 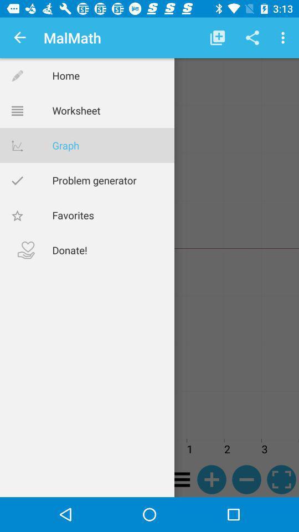 I want to click on the add icon, so click(x=212, y=479).